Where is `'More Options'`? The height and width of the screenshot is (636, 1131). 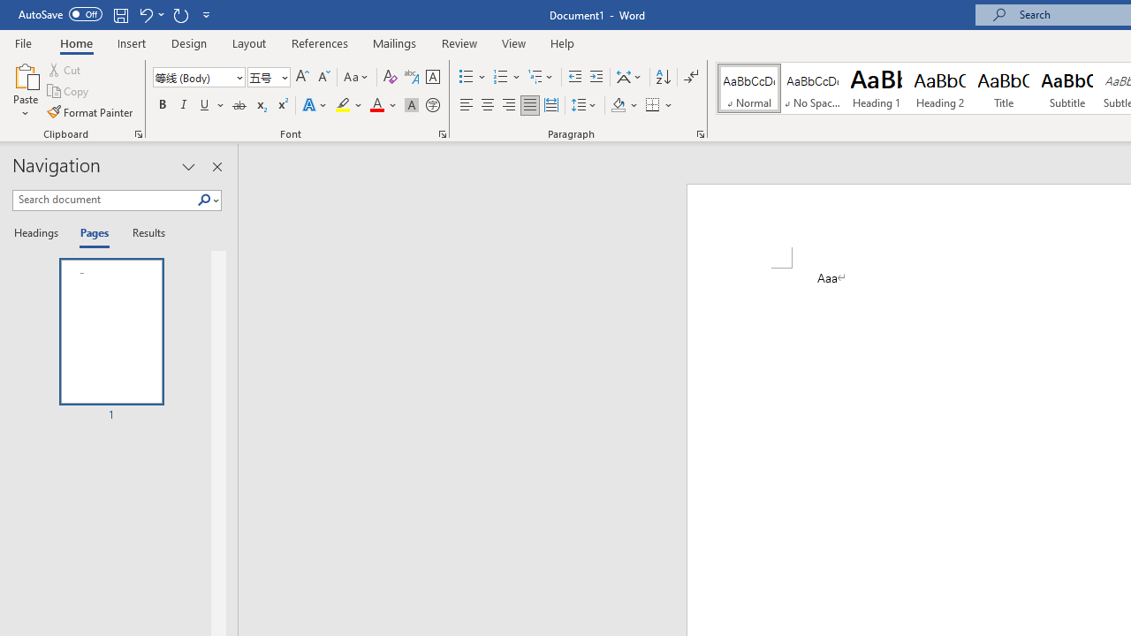 'More Options' is located at coordinates (668, 105).